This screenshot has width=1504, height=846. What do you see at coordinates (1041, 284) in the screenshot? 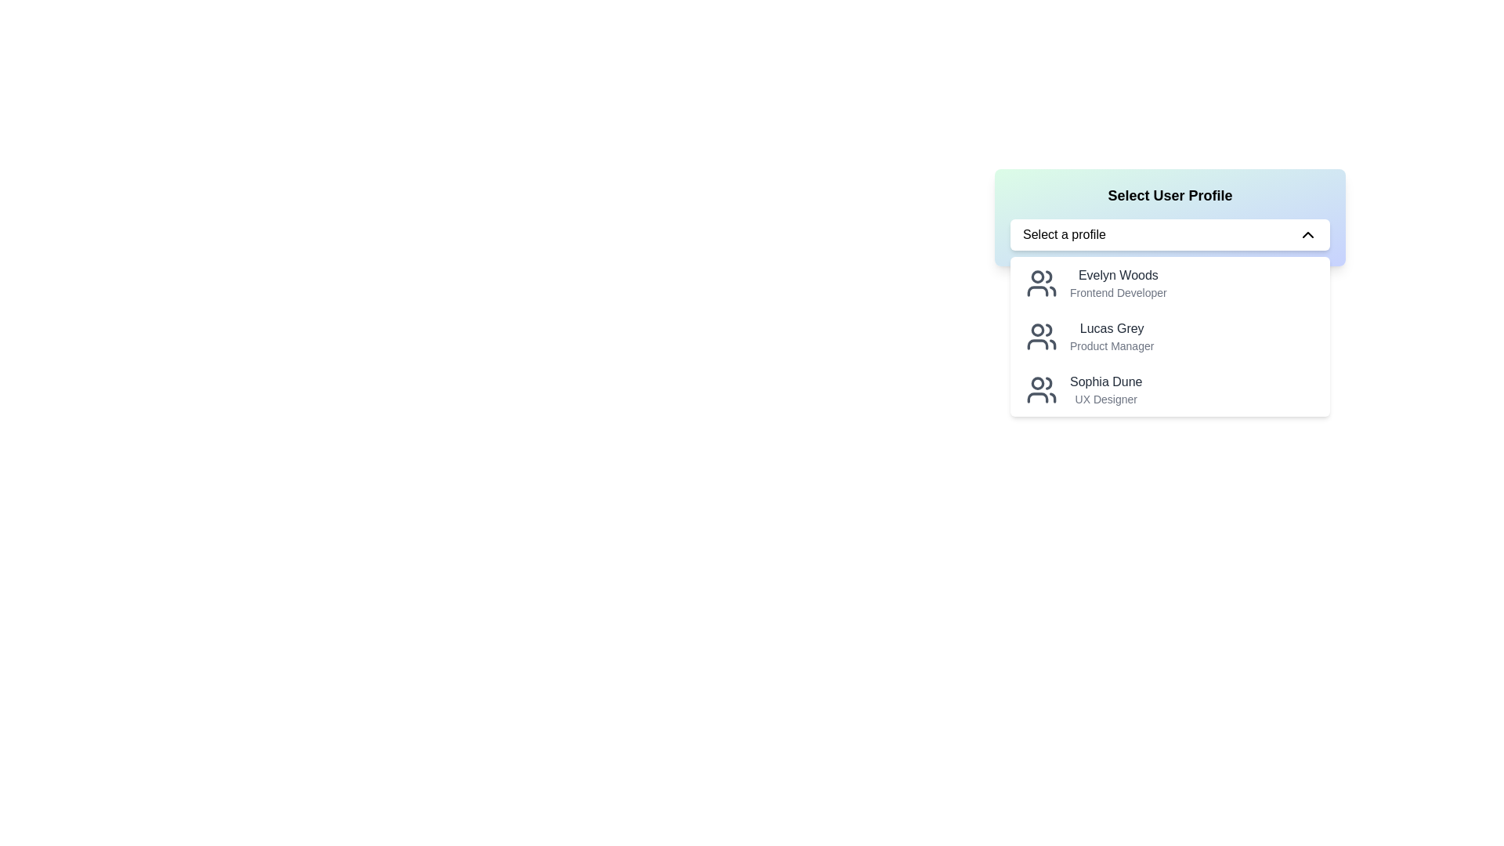
I see `the user profile icon located to the left of the name 'Evelyn Woods' in the profile selection dropdown` at bounding box center [1041, 284].